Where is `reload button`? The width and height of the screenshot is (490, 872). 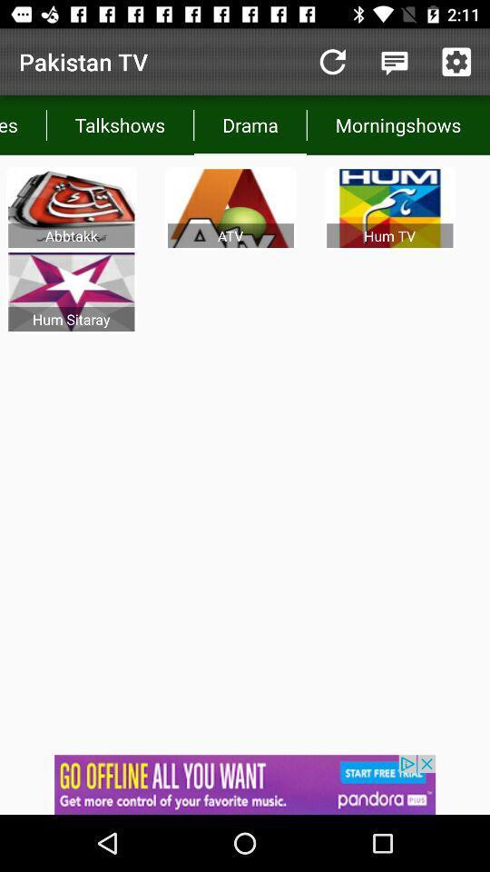
reload button is located at coordinates (331, 62).